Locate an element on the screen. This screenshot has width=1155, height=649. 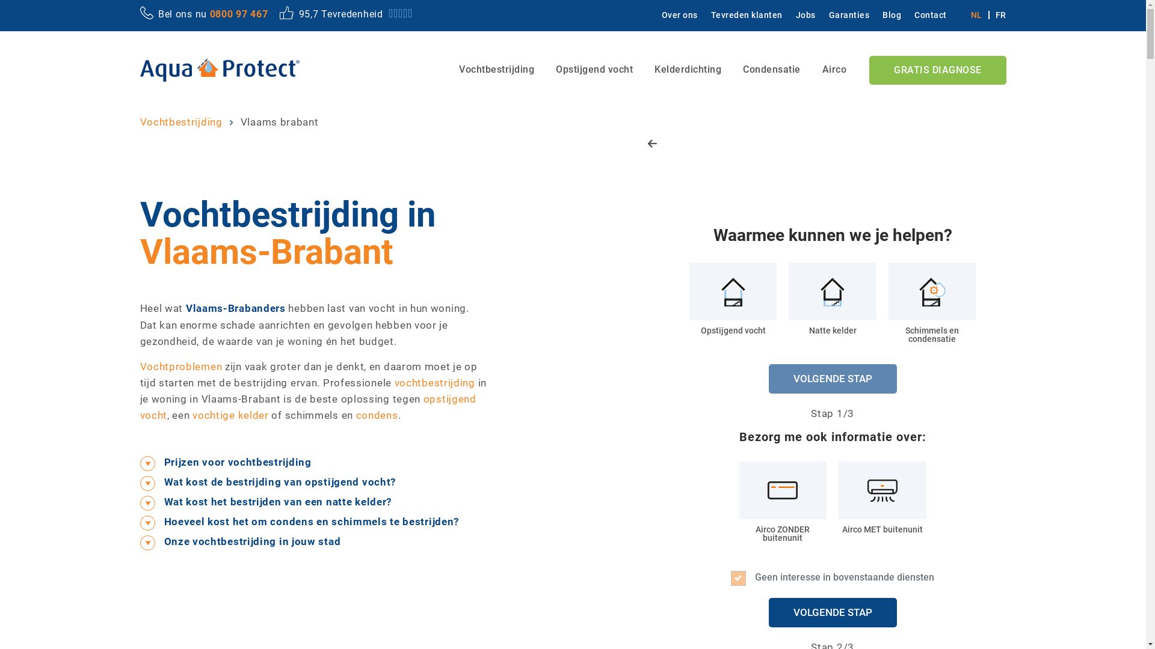
'FR' is located at coordinates (997, 14).